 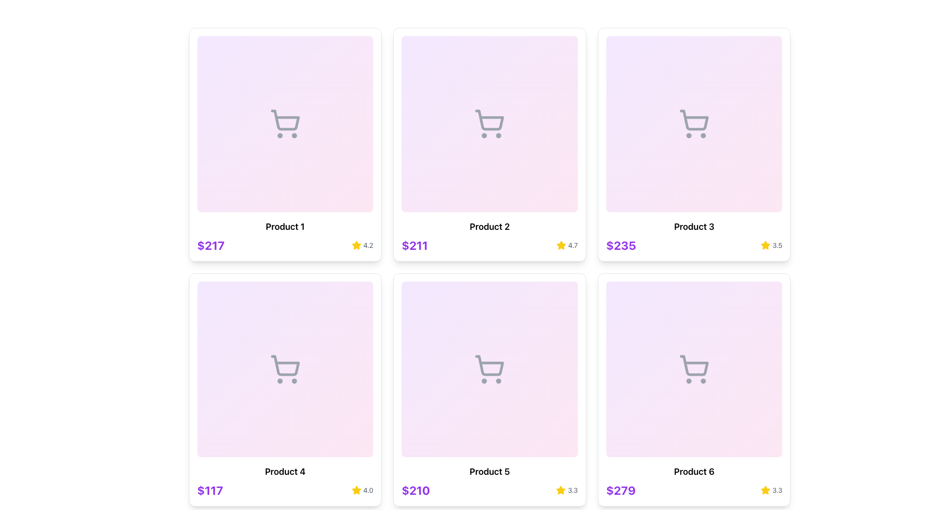 What do you see at coordinates (284, 490) in the screenshot?
I see `the price and rating display area of Product 4, which shows a price of $117 in bold purple font and a rating of 4.0 represented by a yellow star, to interact with the product card` at bounding box center [284, 490].